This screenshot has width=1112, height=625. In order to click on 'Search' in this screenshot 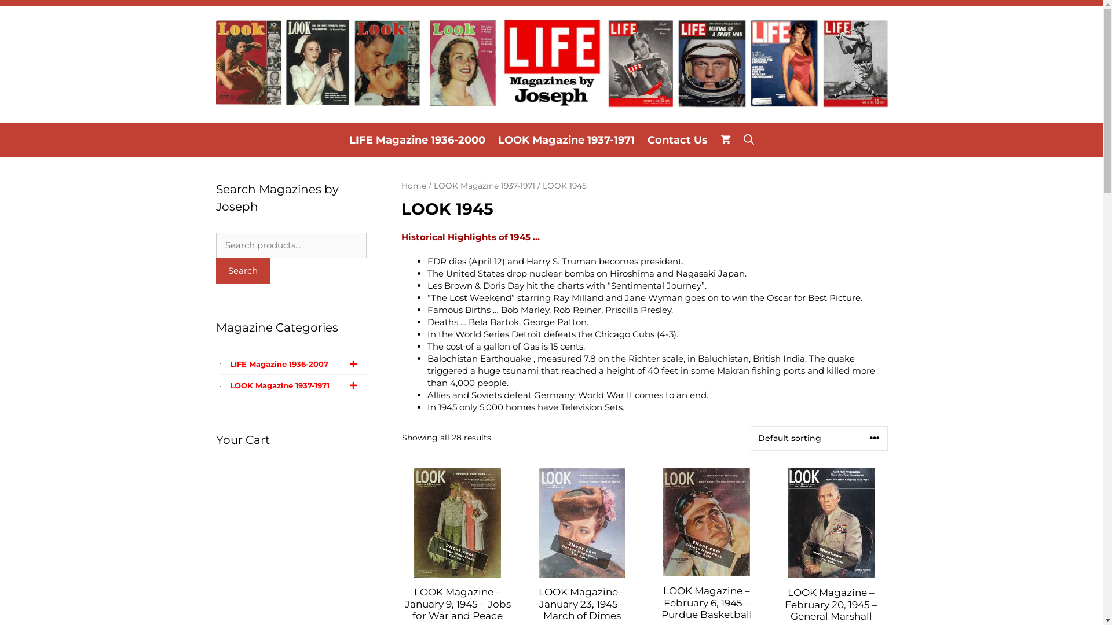, I will do `click(242, 271)`.